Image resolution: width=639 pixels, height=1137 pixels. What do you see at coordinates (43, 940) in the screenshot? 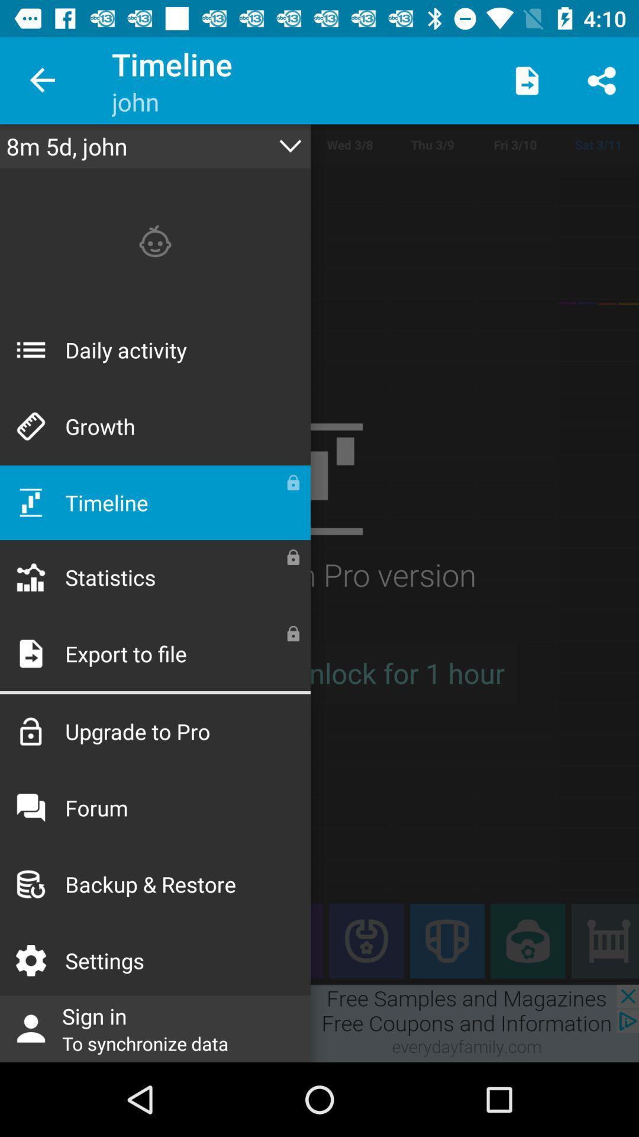
I see `the settings icon` at bounding box center [43, 940].